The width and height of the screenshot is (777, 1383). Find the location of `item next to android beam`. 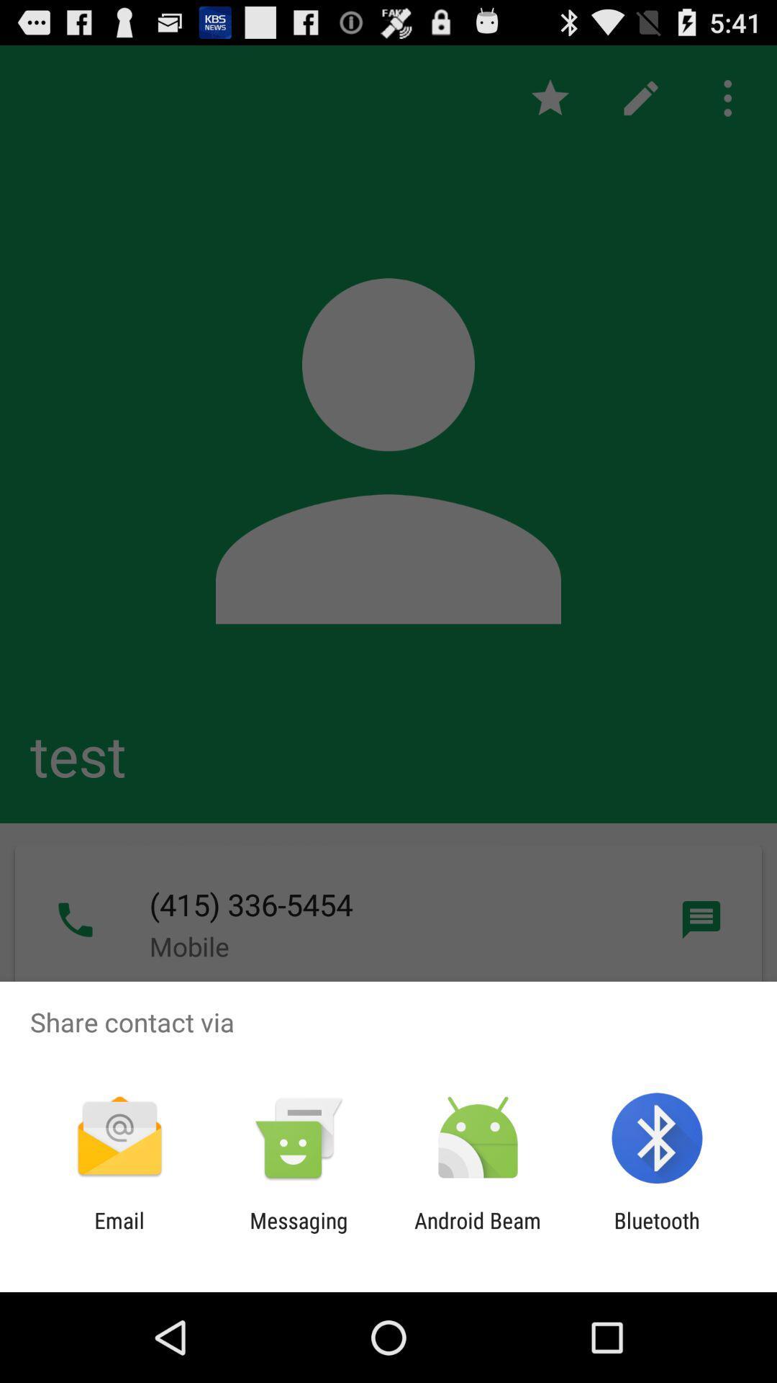

item next to android beam is located at coordinates (298, 1232).